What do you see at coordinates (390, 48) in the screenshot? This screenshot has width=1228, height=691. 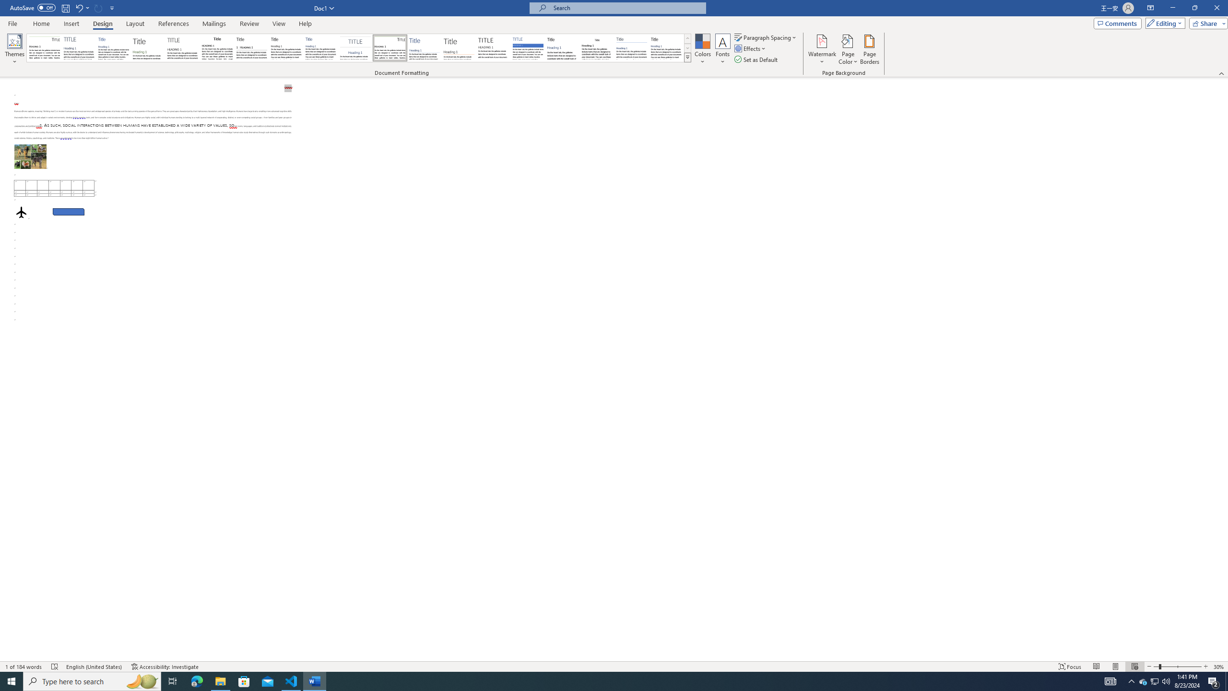 I see `'Lines (Distinctive)'` at bounding box center [390, 48].